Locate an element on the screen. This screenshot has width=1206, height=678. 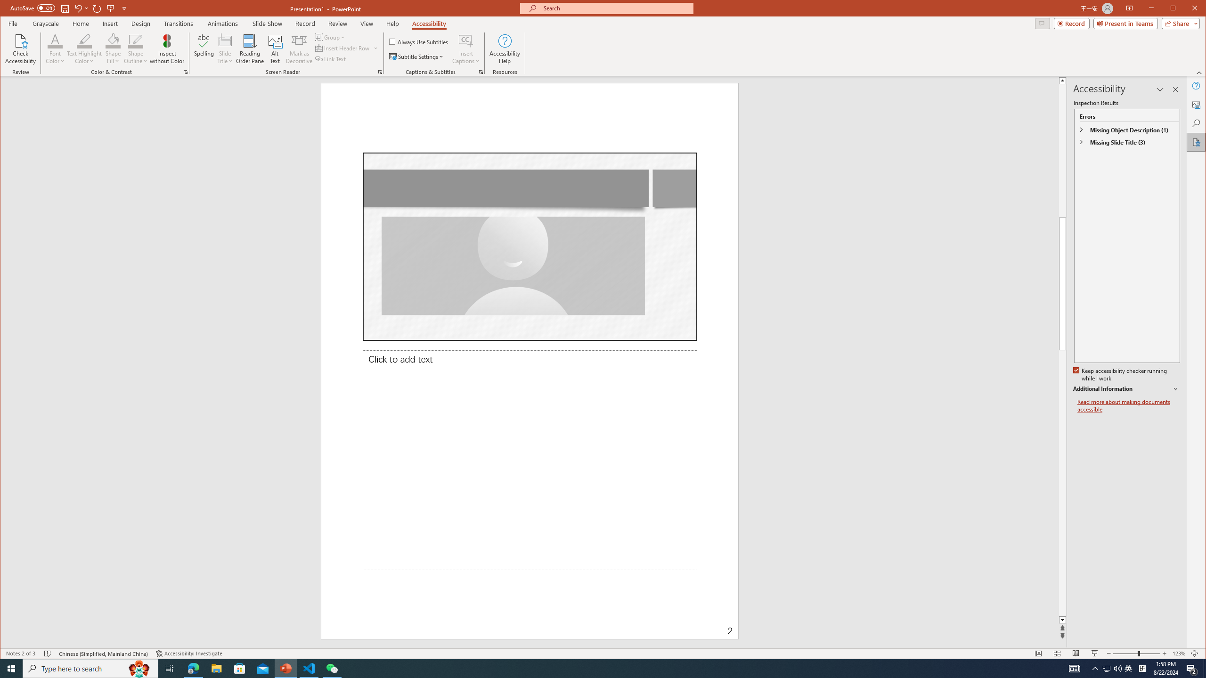
'Inspect without Color' is located at coordinates (167, 48).